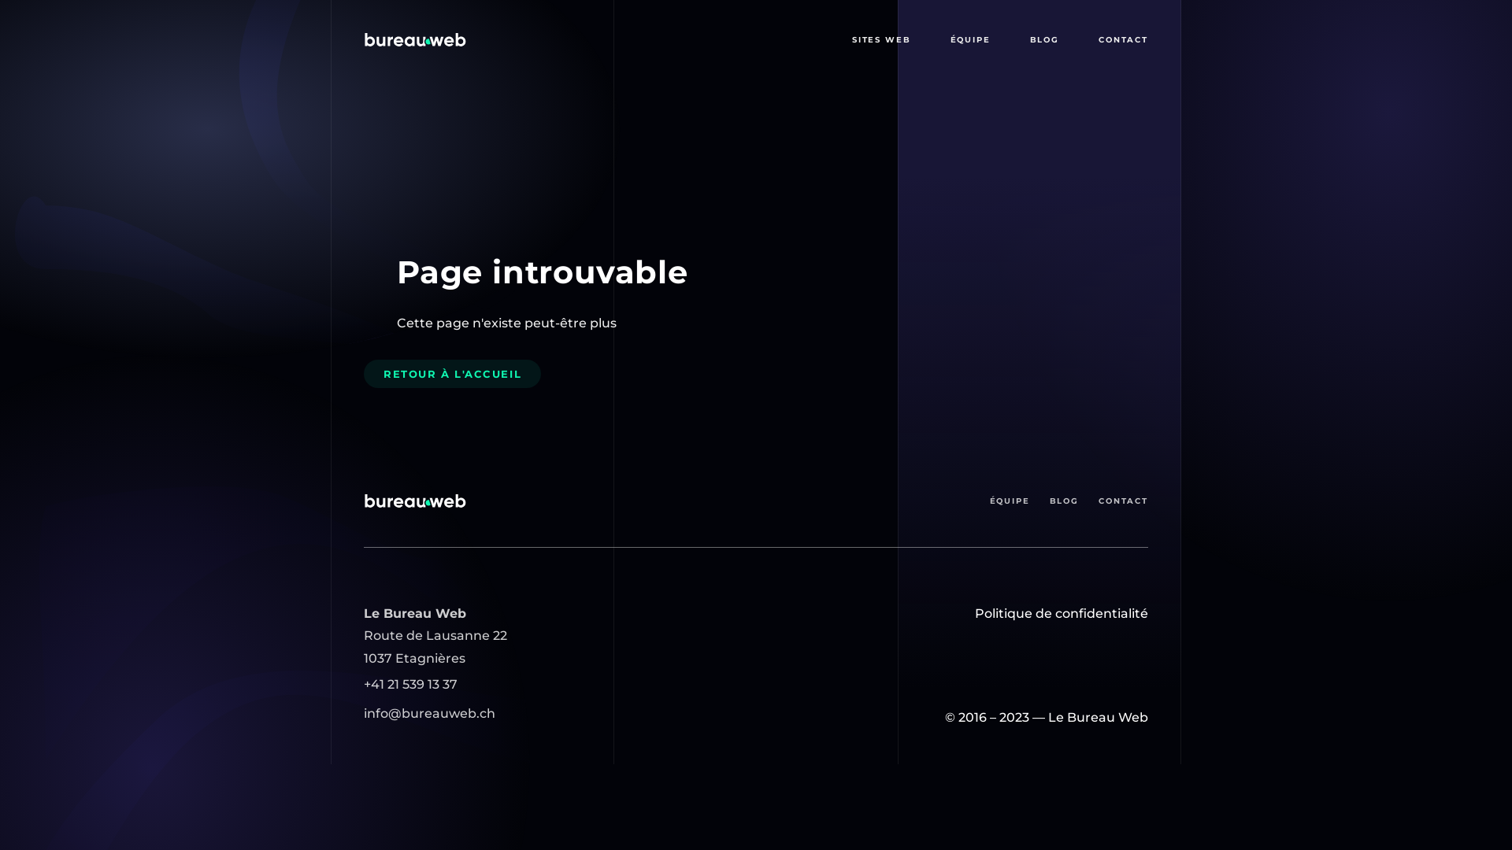  Describe the element at coordinates (880, 39) in the screenshot. I see `'SITES WEB'` at that location.